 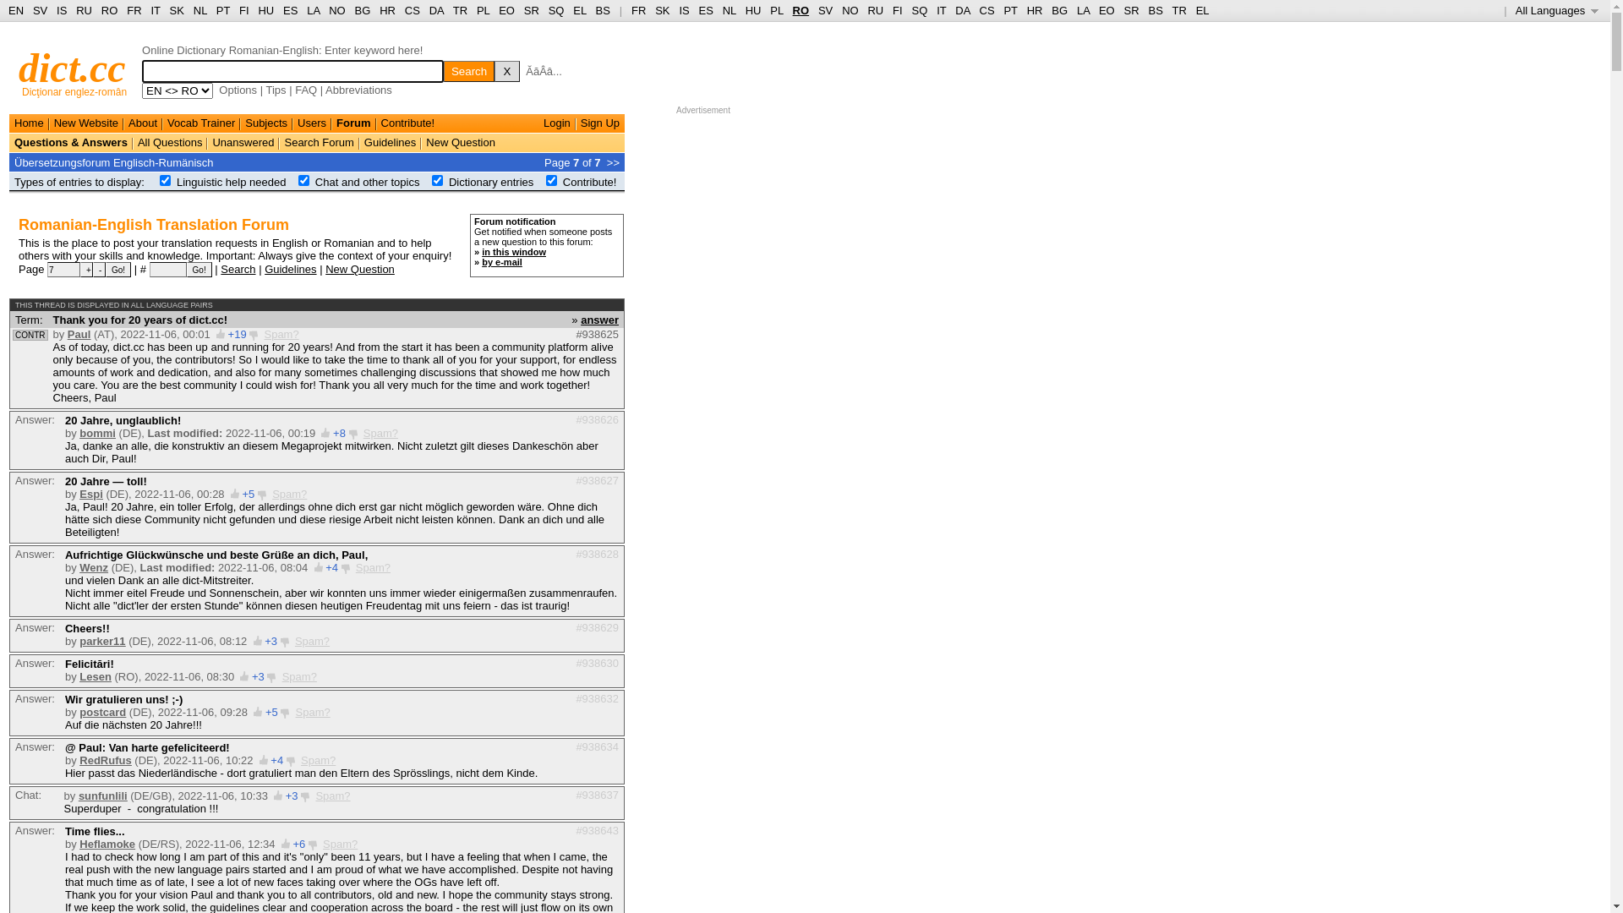 I want to click on 'Go!', so click(x=117, y=269).